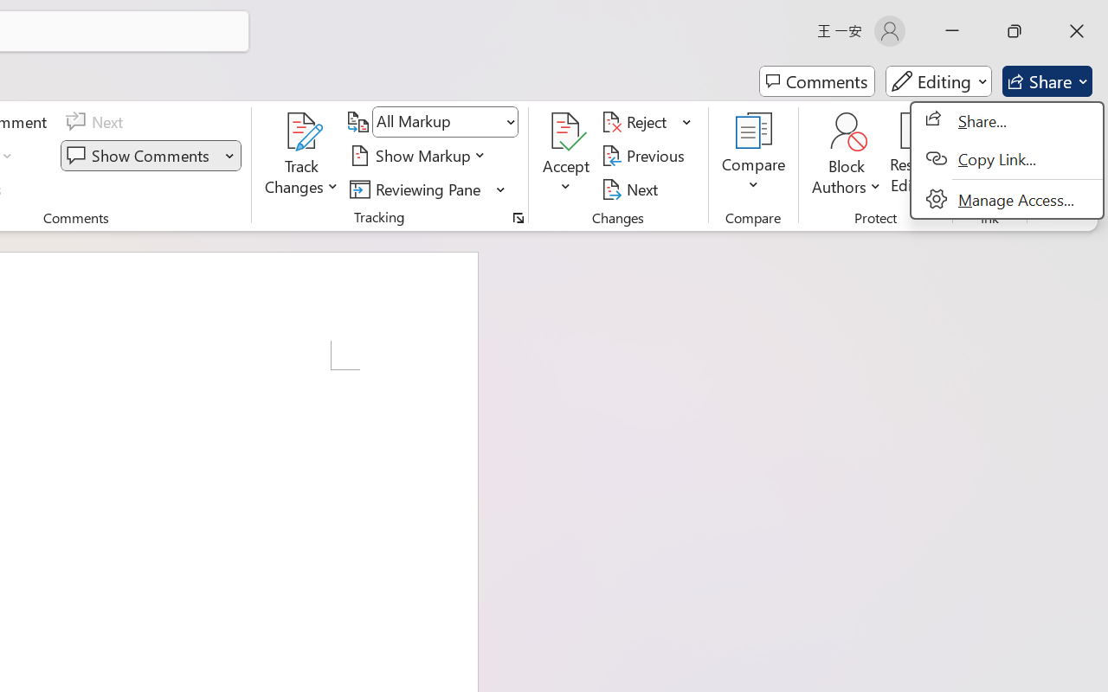 The image size is (1108, 692). Describe the element at coordinates (645, 155) in the screenshot. I see `'Previous'` at that location.